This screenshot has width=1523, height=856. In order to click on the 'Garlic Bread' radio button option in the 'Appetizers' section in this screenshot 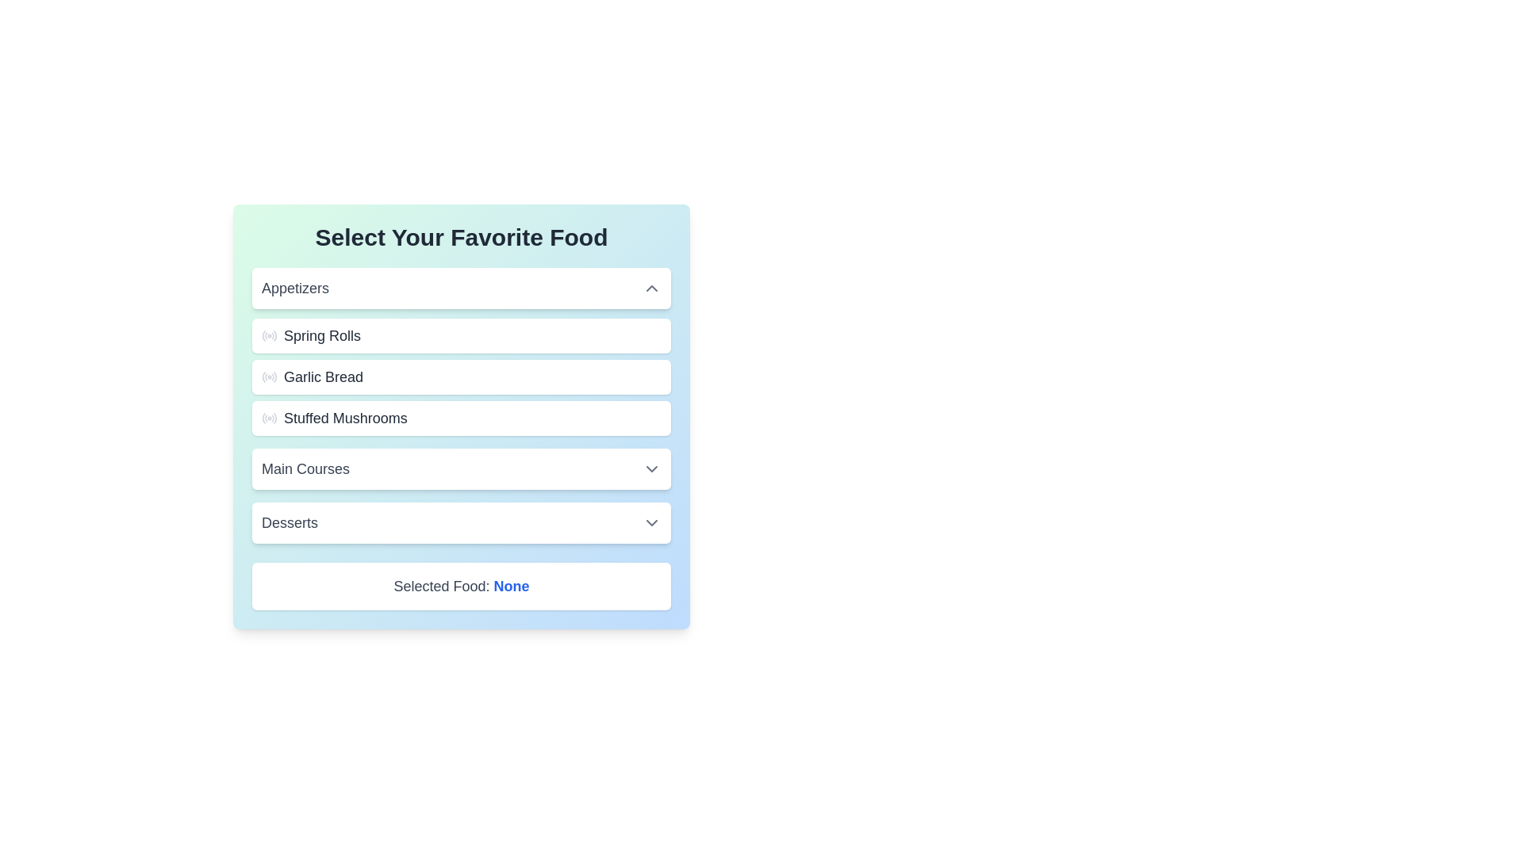, I will do `click(460, 376)`.